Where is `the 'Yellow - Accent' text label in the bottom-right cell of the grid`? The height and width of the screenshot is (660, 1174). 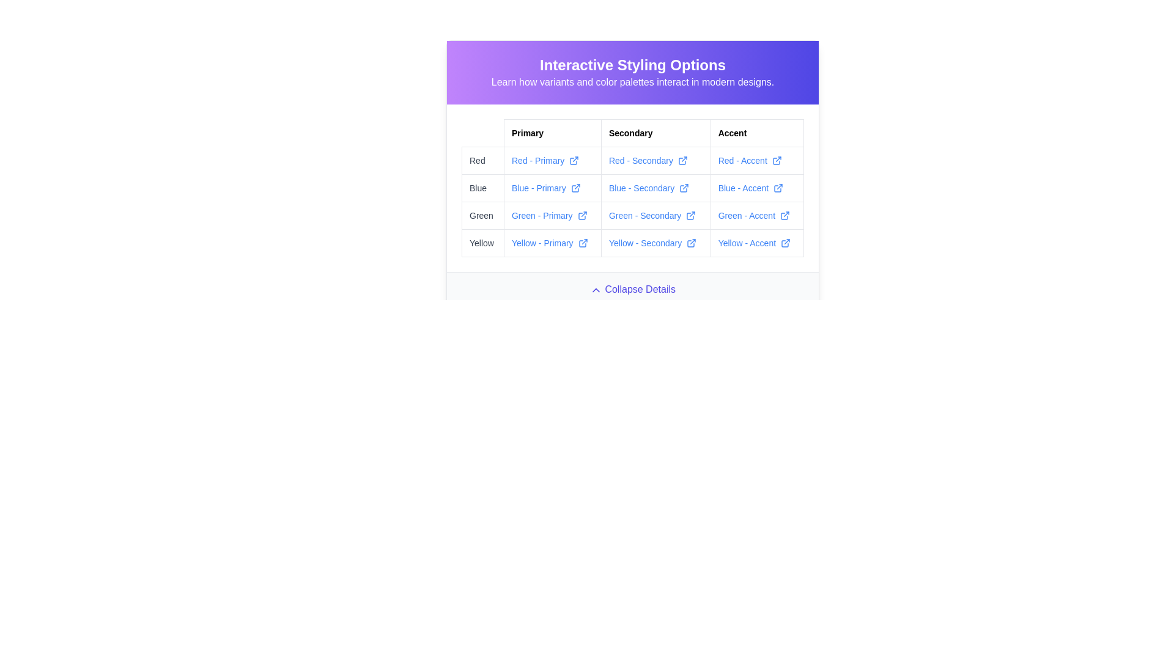
the 'Yellow - Accent' text label in the bottom-right cell of the grid is located at coordinates (756, 243).